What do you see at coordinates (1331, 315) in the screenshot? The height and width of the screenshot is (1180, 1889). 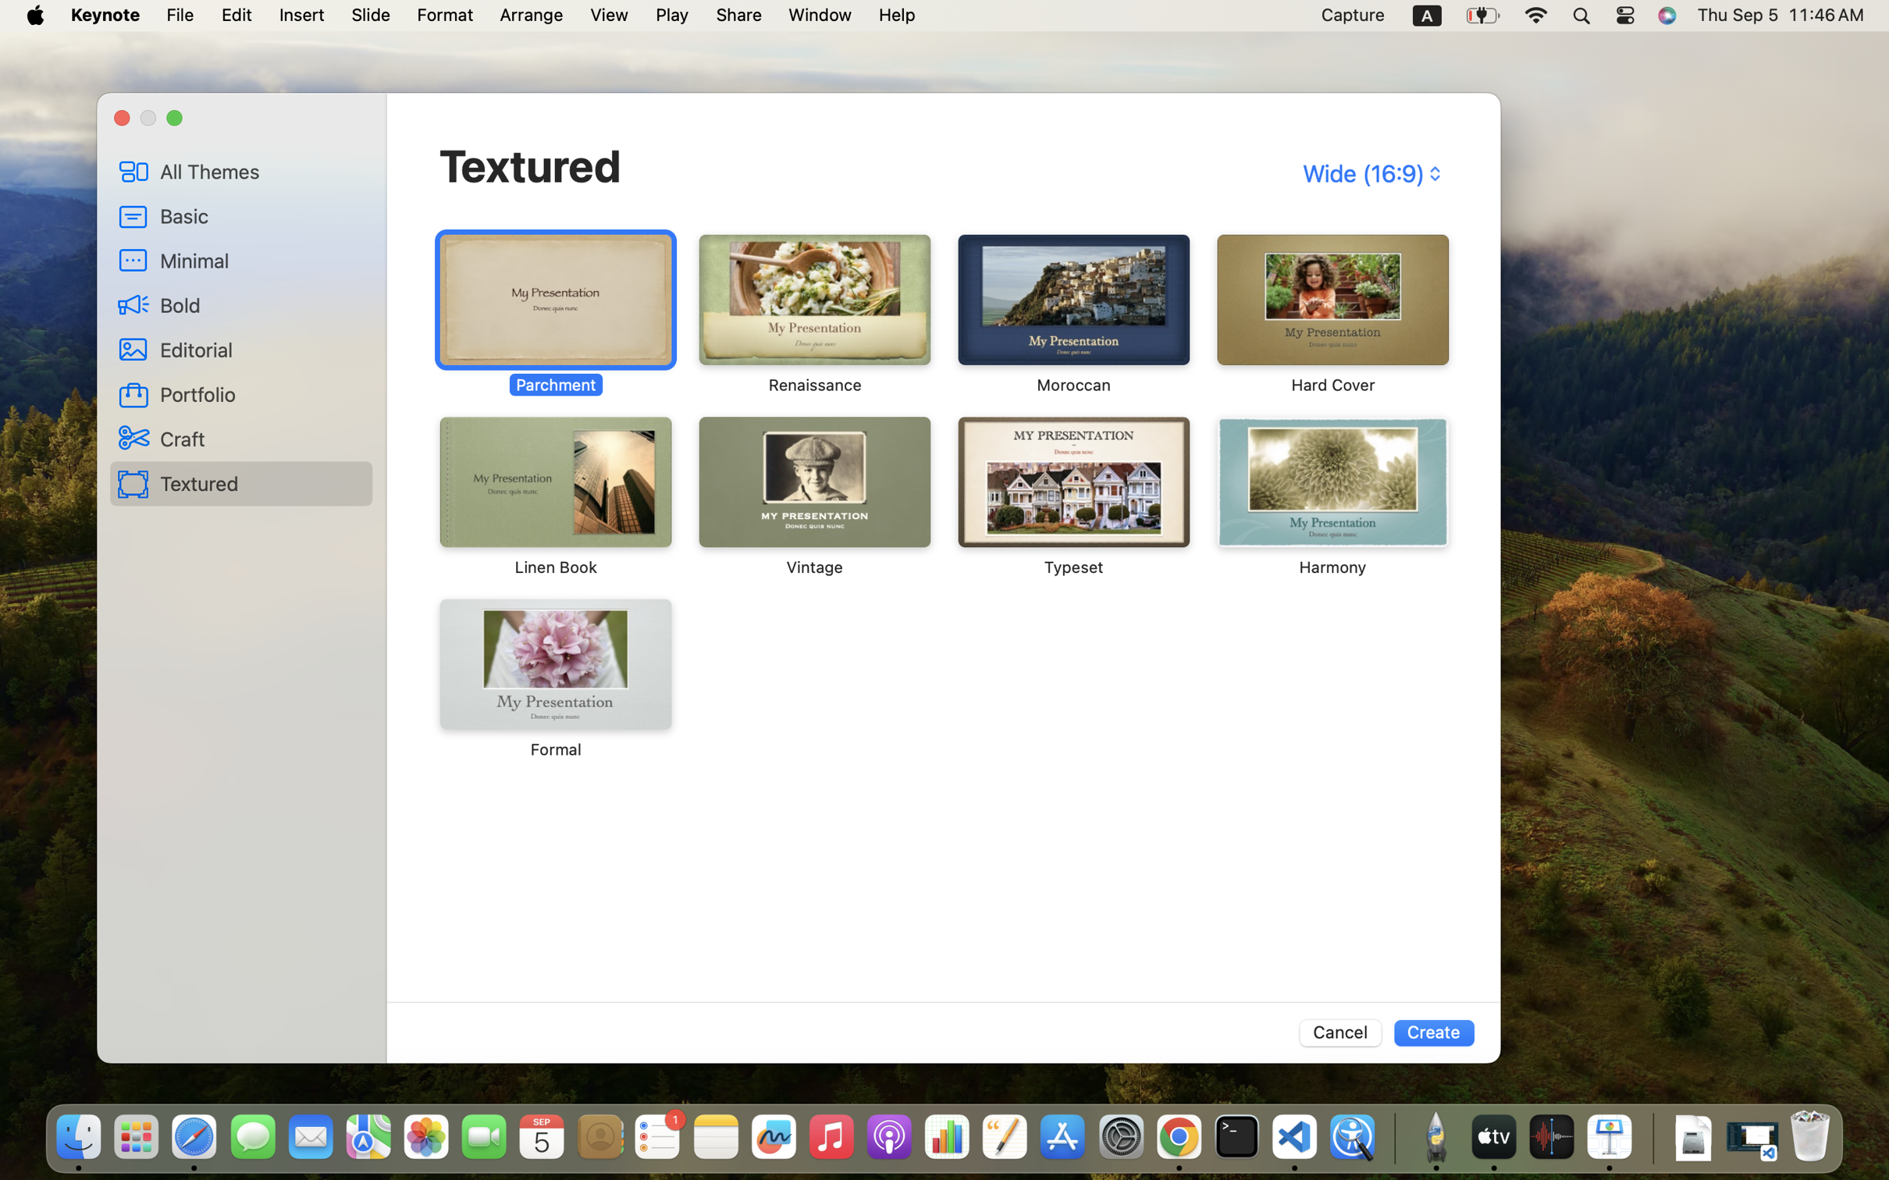 I see `'‎⁨Hard Cover⁩'` at bounding box center [1331, 315].